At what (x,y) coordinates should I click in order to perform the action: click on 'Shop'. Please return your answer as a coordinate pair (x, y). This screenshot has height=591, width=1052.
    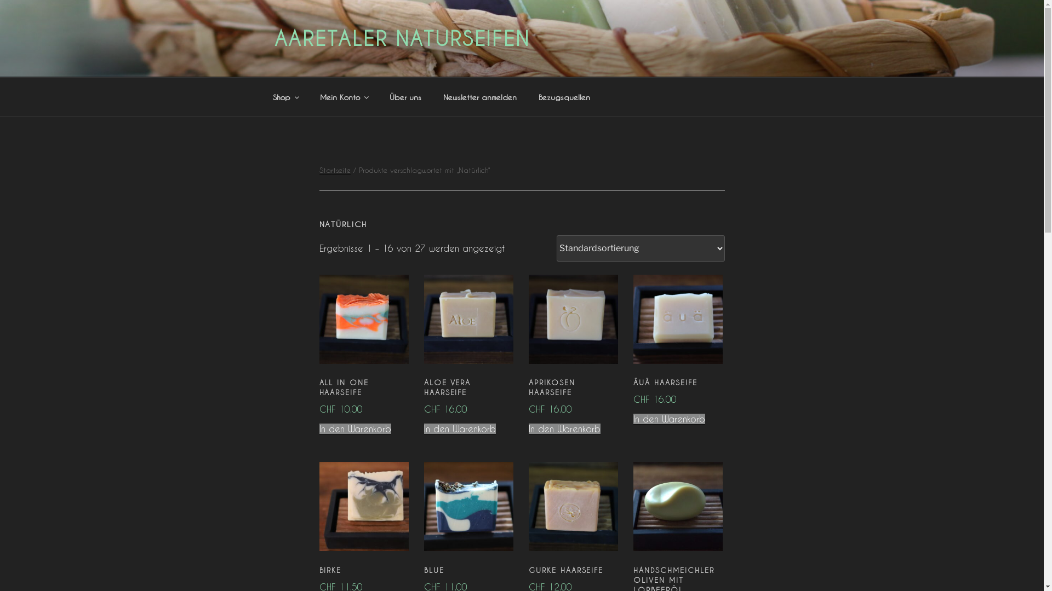
    Looking at the image, I should click on (285, 96).